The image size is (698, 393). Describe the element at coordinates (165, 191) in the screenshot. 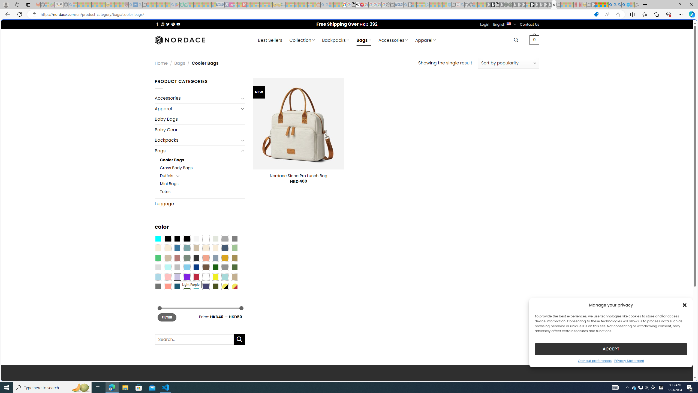

I see `'Totes'` at that location.